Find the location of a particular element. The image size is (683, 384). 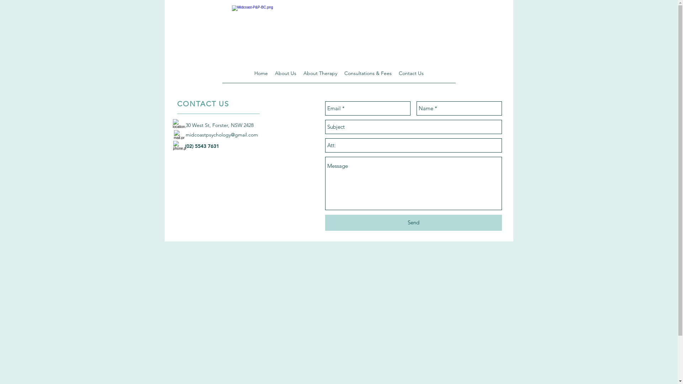

' (02) 5543 7631' is located at coordinates (201, 146).